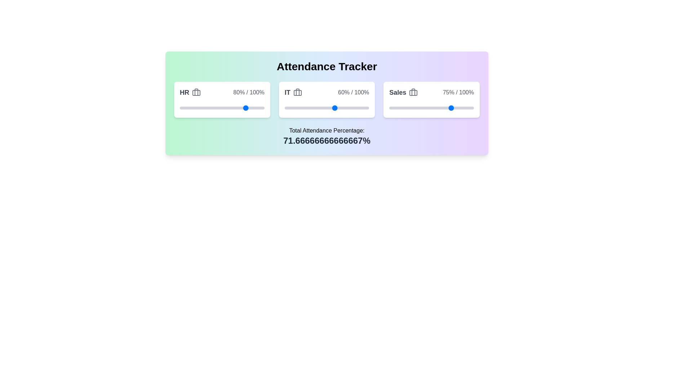 The width and height of the screenshot is (692, 389). What do you see at coordinates (327, 140) in the screenshot?
I see `the bold text displaying '71.66666666666667%' which is located below the label 'Total Attendance Percentage:' in a dark gray color on a pastel gradient background` at bounding box center [327, 140].